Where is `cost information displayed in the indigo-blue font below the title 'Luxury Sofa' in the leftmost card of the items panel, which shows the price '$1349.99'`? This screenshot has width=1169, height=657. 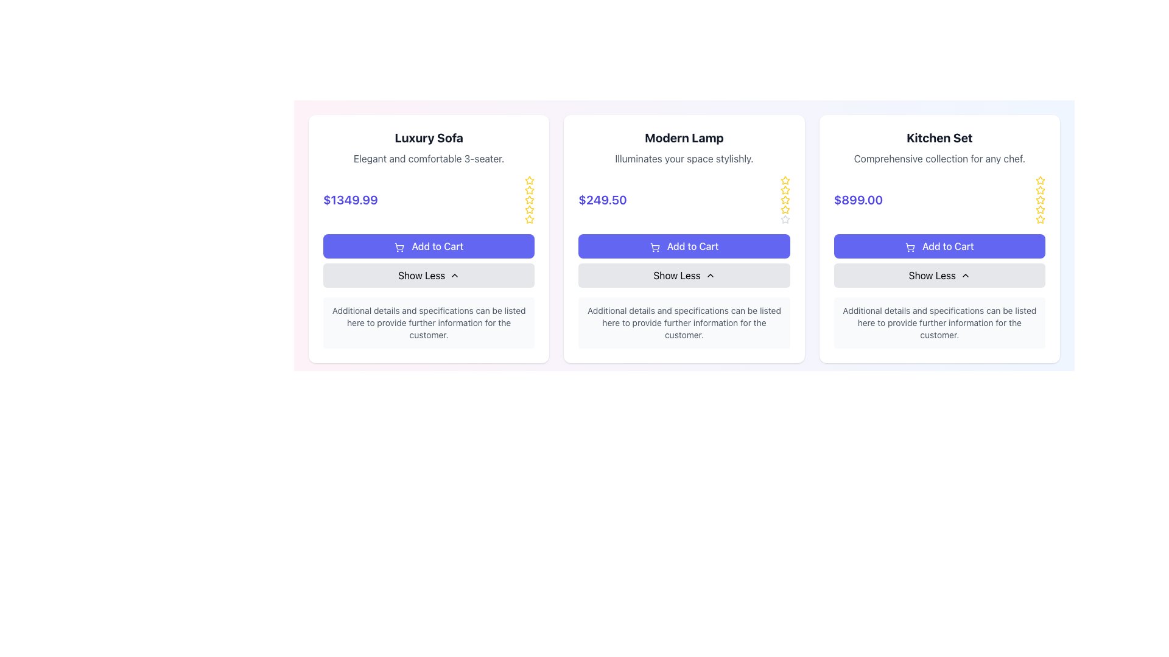
cost information displayed in the indigo-blue font below the title 'Luxury Sofa' in the leftmost card of the items panel, which shows the price '$1349.99' is located at coordinates (350, 199).